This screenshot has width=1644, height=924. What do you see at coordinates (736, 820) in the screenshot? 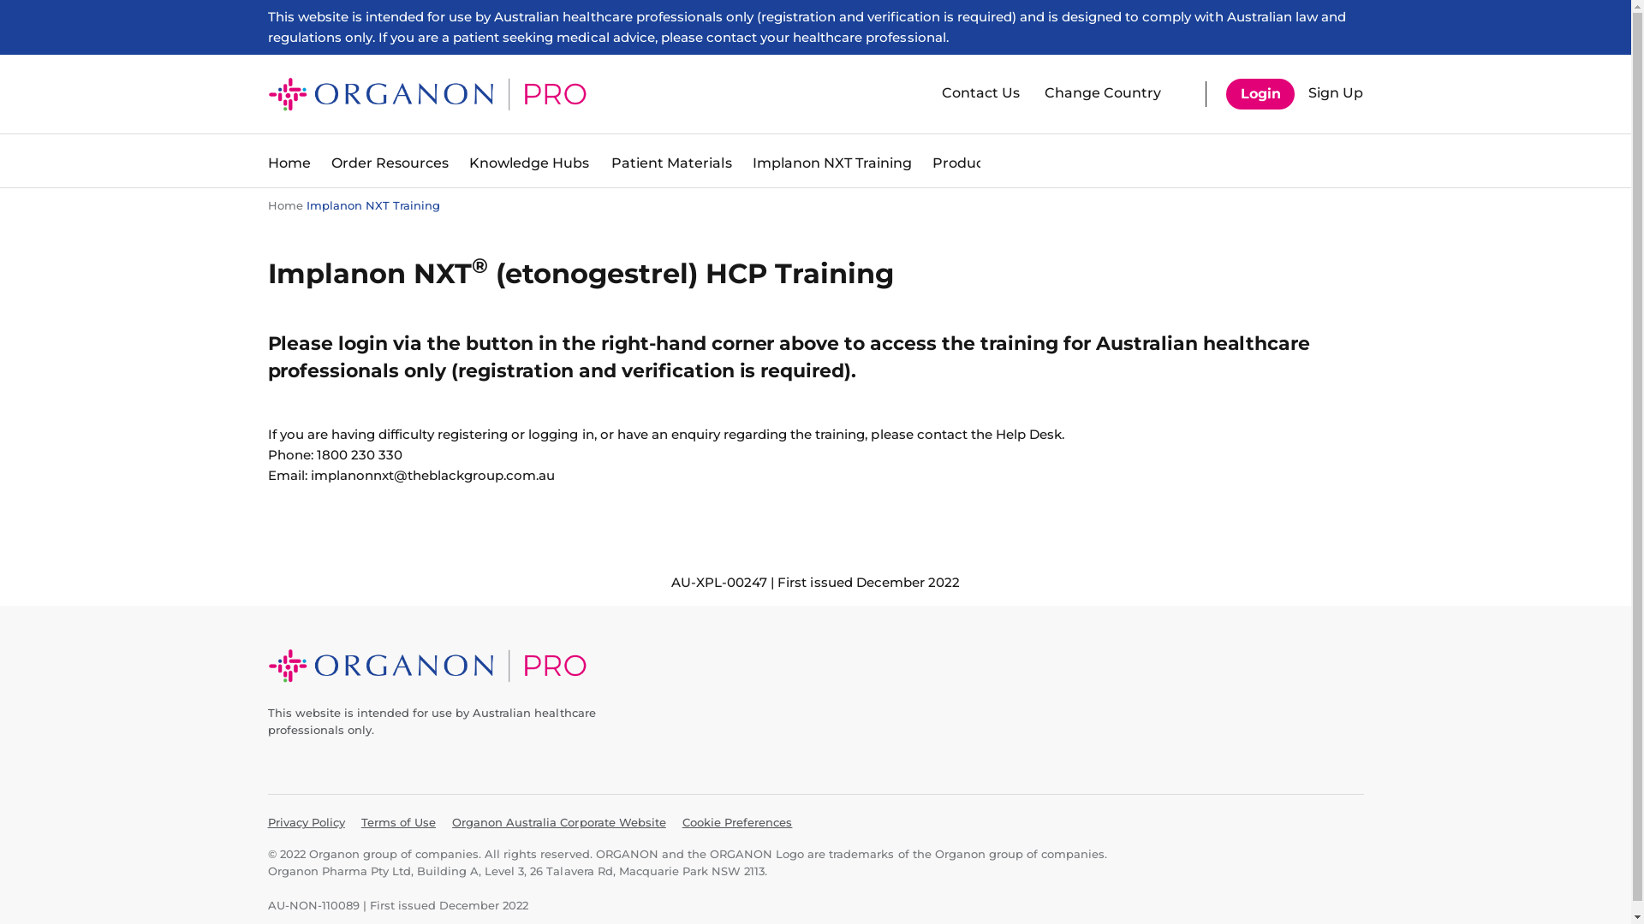
I see `'Cookie Preferences'` at bounding box center [736, 820].